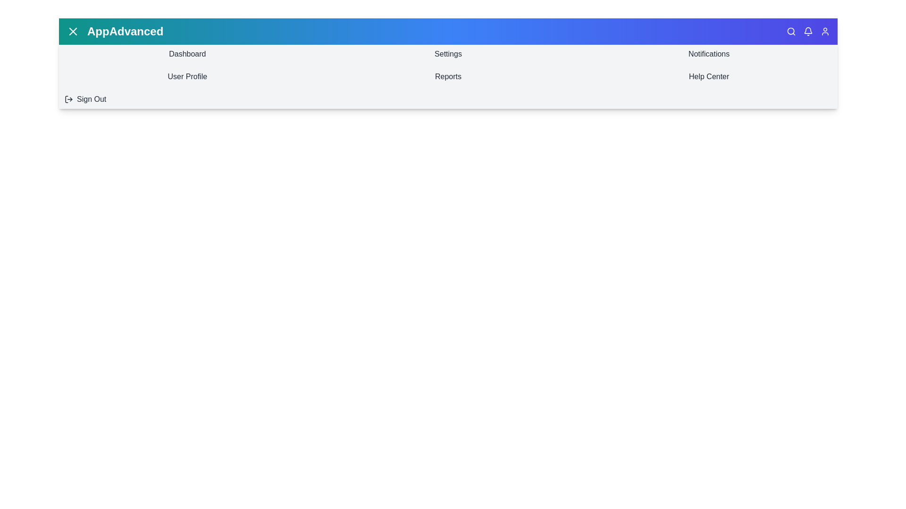 Image resolution: width=906 pixels, height=509 pixels. What do you see at coordinates (709, 54) in the screenshot?
I see `the menu item Notifications from the menu bar` at bounding box center [709, 54].